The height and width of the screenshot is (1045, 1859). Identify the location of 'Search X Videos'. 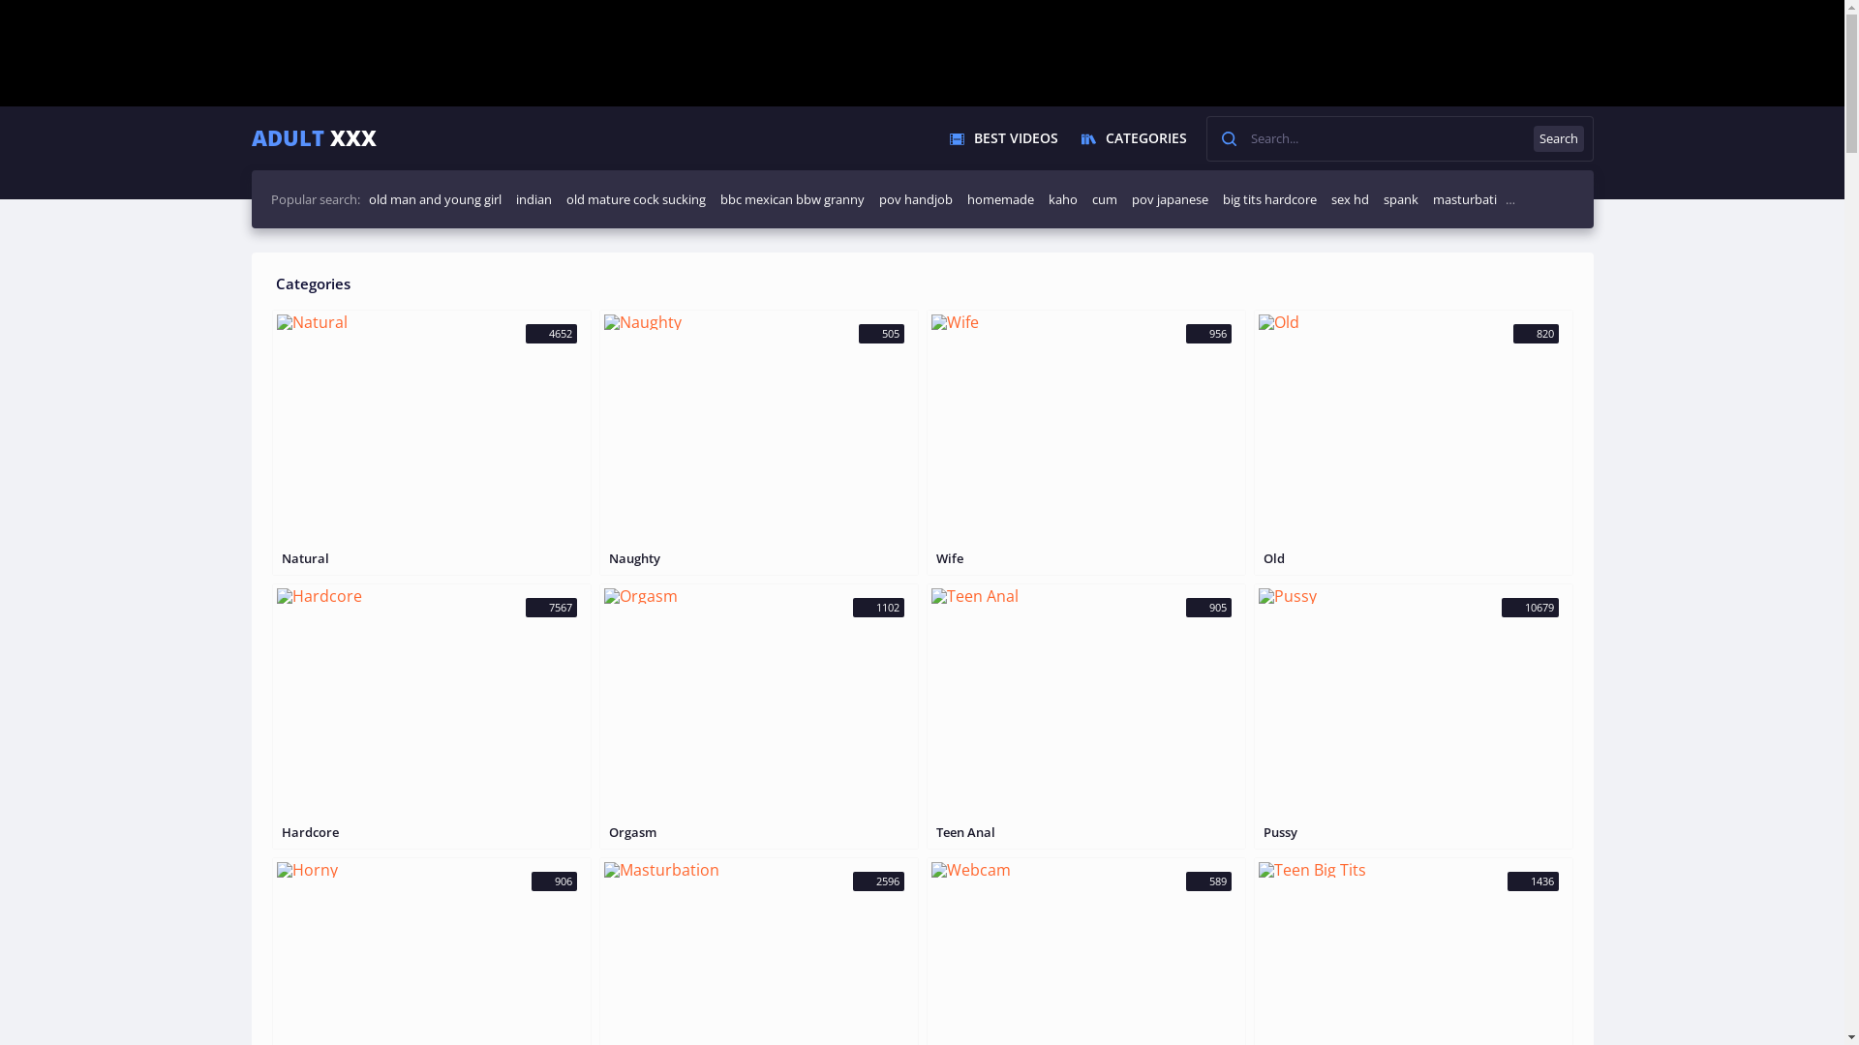
(1399, 137).